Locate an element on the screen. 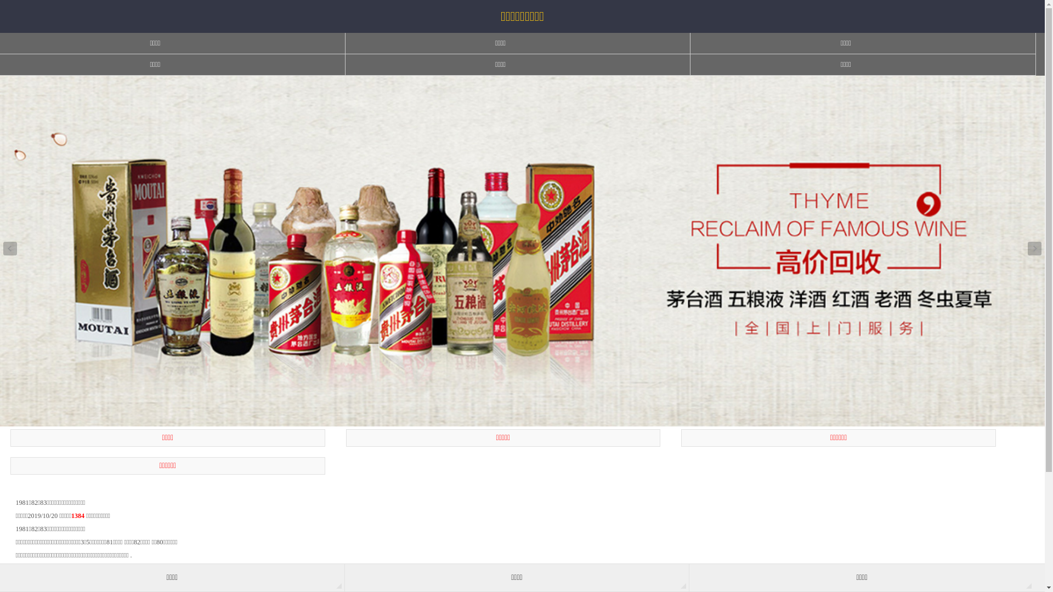 This screenshot has height=592, width=1053. 'Next' is located at coordinates (1034, 248).